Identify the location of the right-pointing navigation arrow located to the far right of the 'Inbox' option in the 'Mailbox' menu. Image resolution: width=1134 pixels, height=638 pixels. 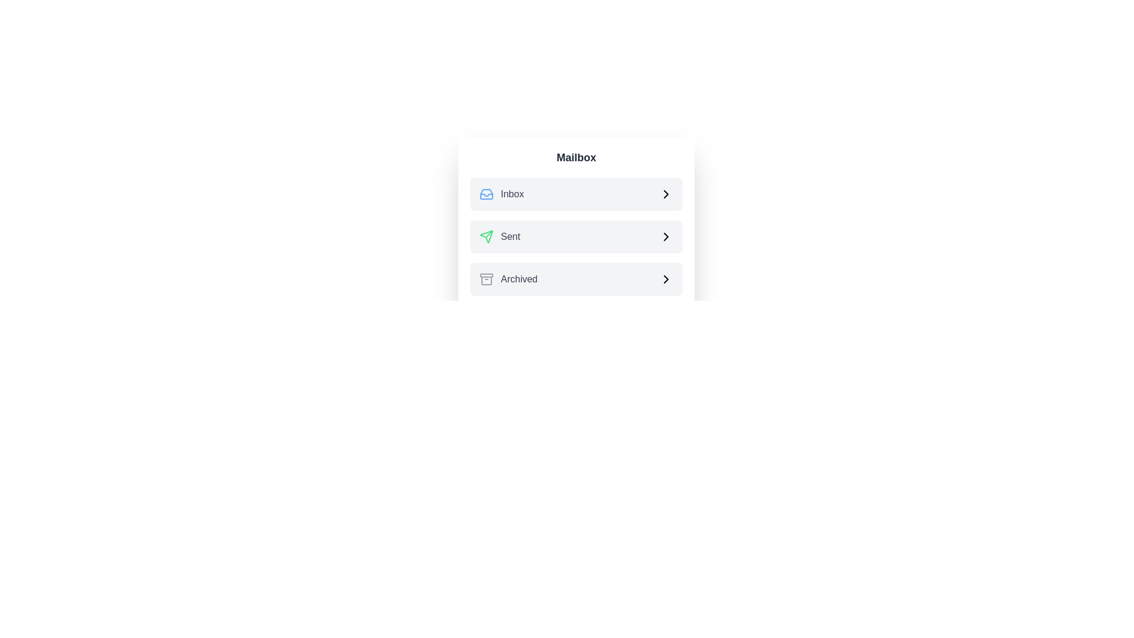
(666, 193).